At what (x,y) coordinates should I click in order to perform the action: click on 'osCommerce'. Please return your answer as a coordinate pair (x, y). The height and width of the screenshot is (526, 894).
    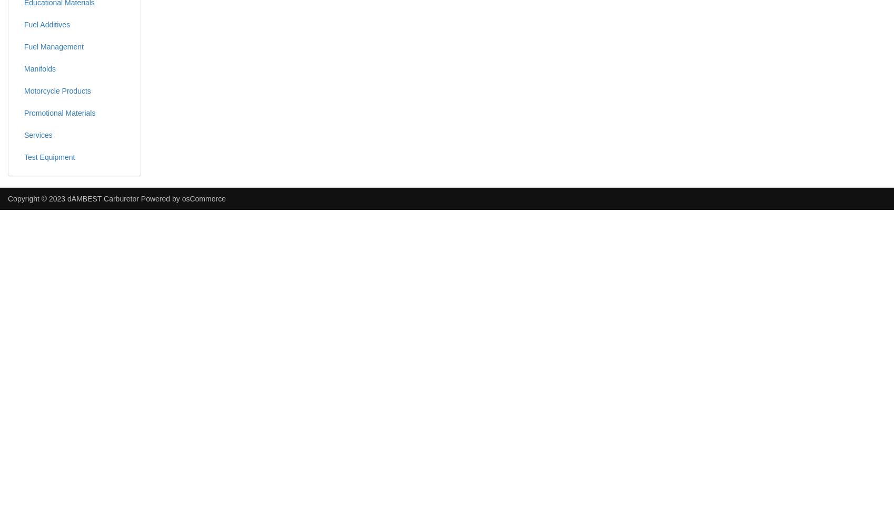
    Looking at the image, I should click on (203, 198).